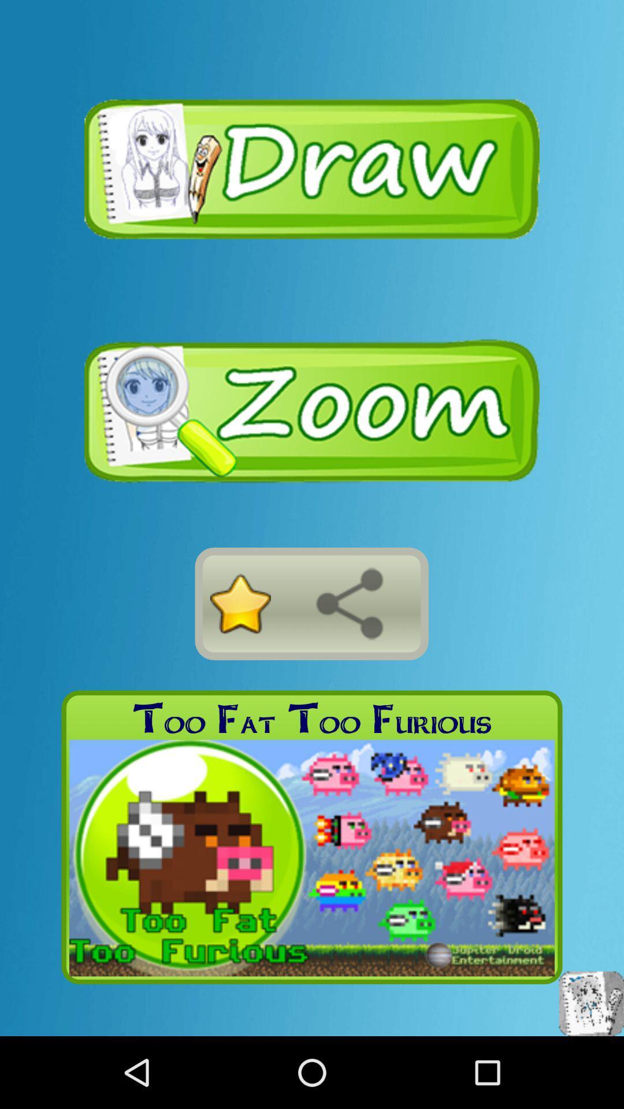  Describe the element at coordinates (349, 603) in the screenshot. I see `share` at that location.